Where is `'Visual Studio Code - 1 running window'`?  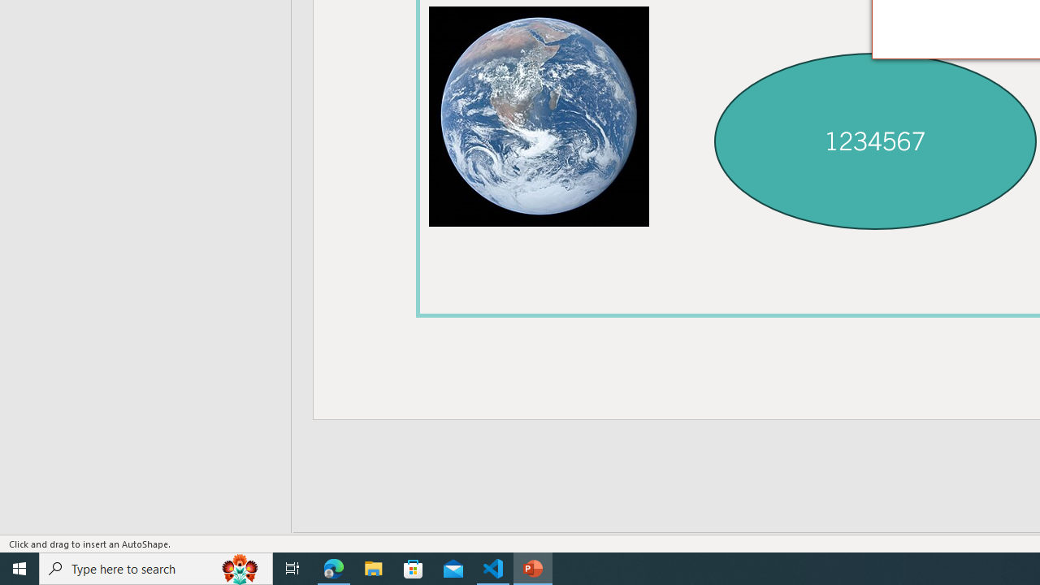
'Visual Studio Code - 1 running window' is located at coordinates (492, 567).